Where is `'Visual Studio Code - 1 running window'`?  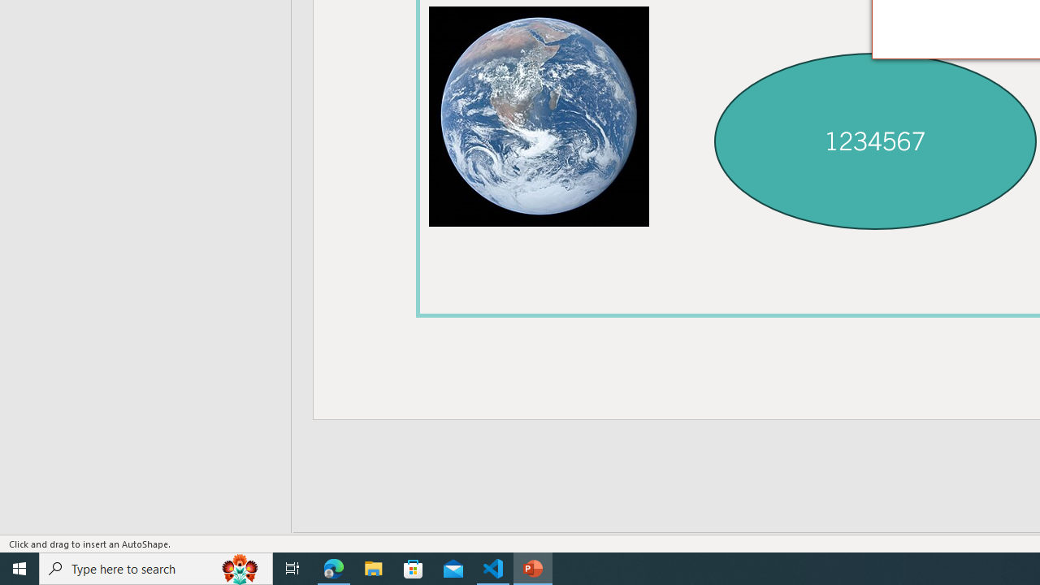
'Visual Studio Code - 1 running window' is located at coordinates (492, 567).